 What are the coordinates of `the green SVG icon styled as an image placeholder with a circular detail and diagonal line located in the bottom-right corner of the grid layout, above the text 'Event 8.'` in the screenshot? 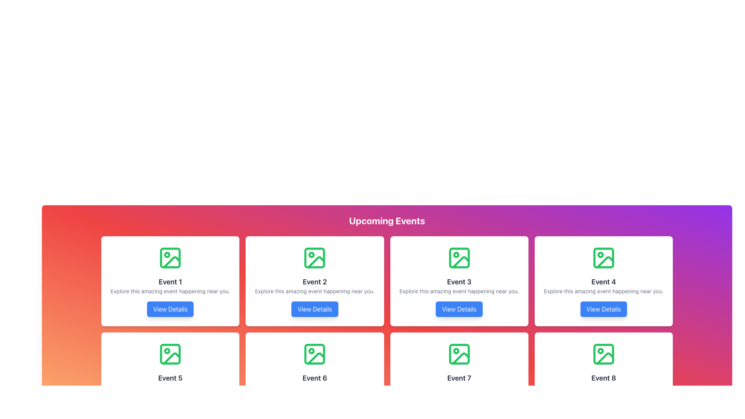 It's located at (603, 354).